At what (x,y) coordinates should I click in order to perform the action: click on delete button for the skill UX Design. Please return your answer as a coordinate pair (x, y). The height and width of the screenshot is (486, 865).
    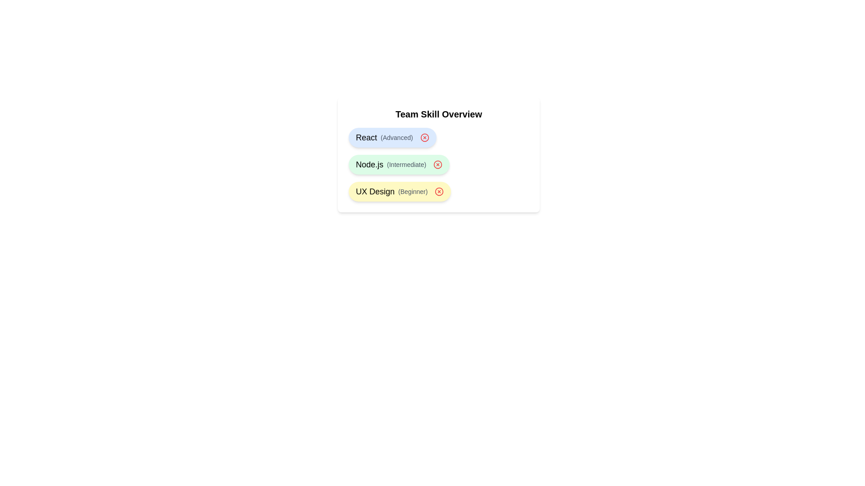
    Looking at the image, I should click on (439, 191).